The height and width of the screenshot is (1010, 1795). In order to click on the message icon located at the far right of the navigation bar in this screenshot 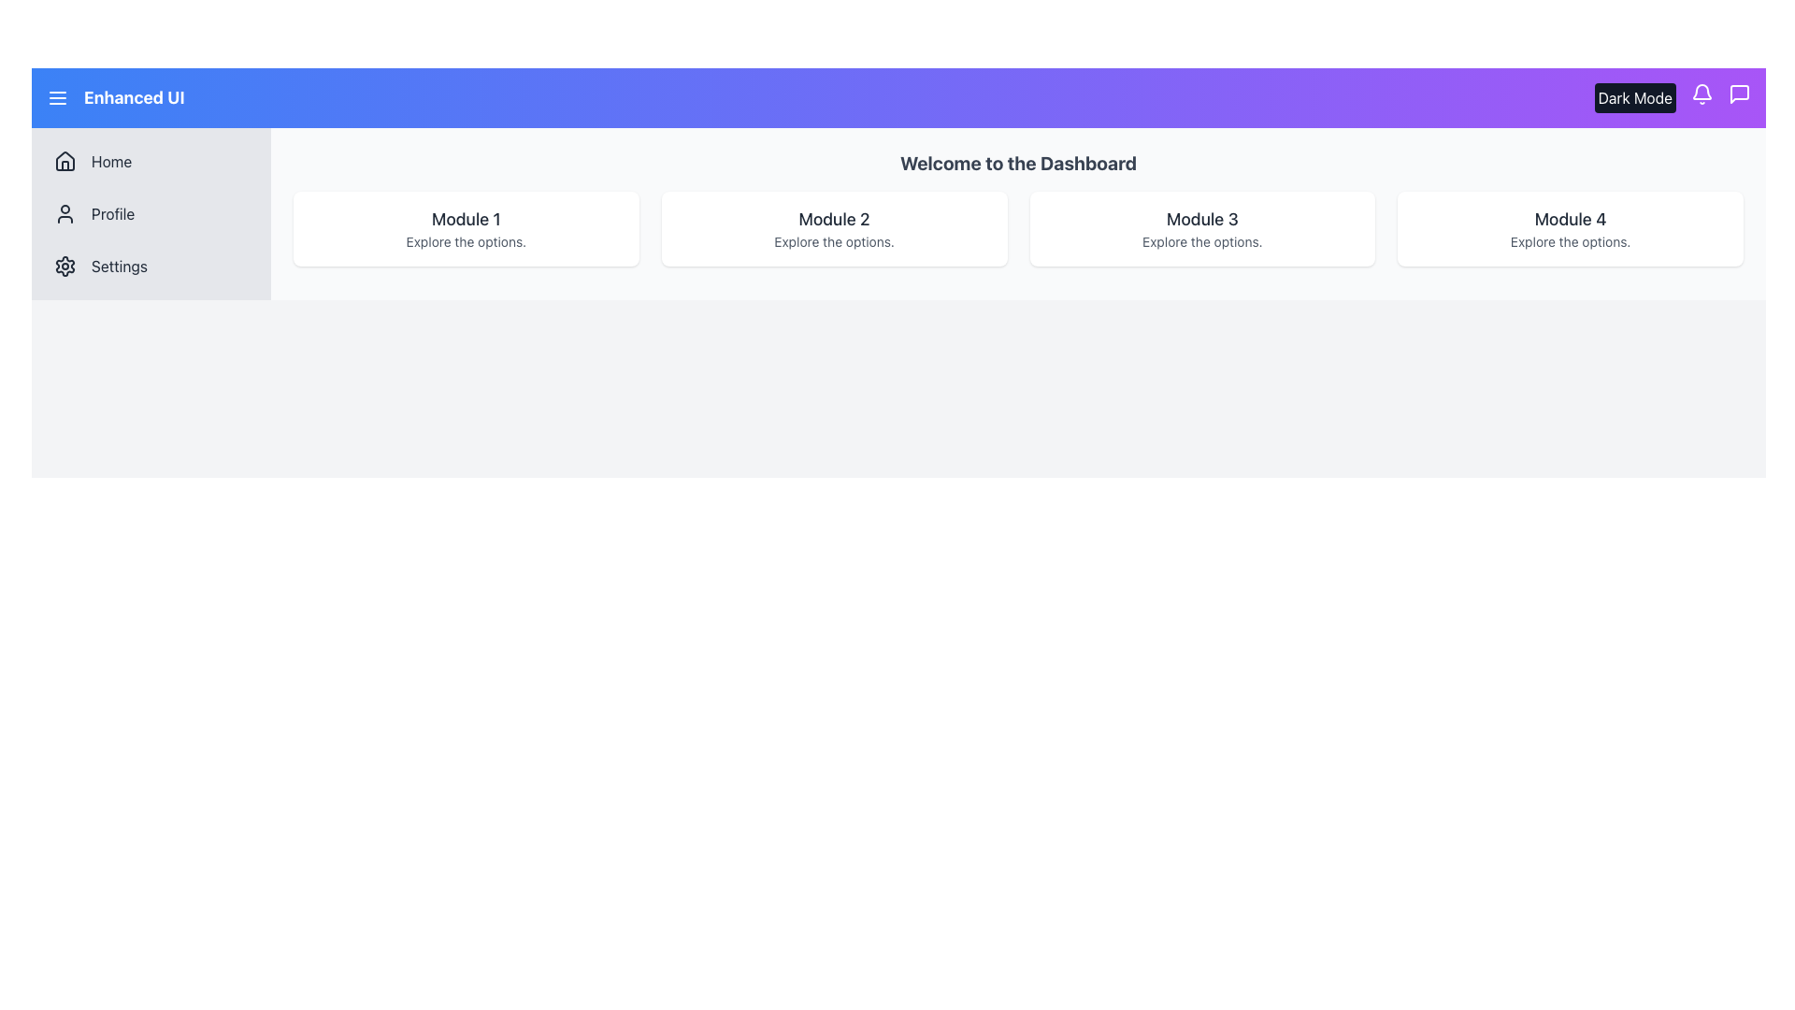, I will do `click(1739, 94)`.